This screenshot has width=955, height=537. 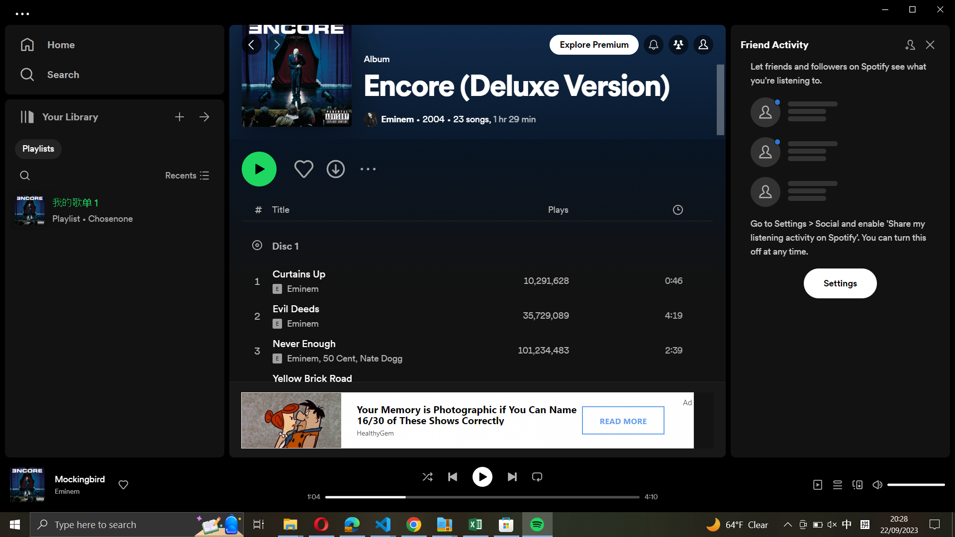 I want to click on Begin the track "Evil Deeds, so click(x=476, y=317).